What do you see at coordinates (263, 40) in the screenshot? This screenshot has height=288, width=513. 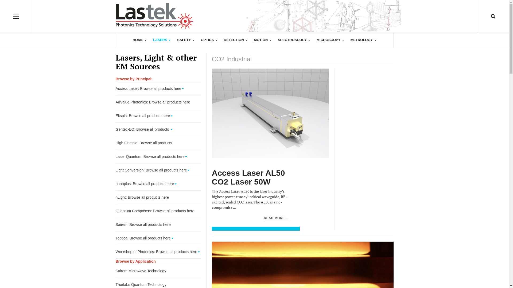 I see `'MOTION'` at bounding box center [263, 40].